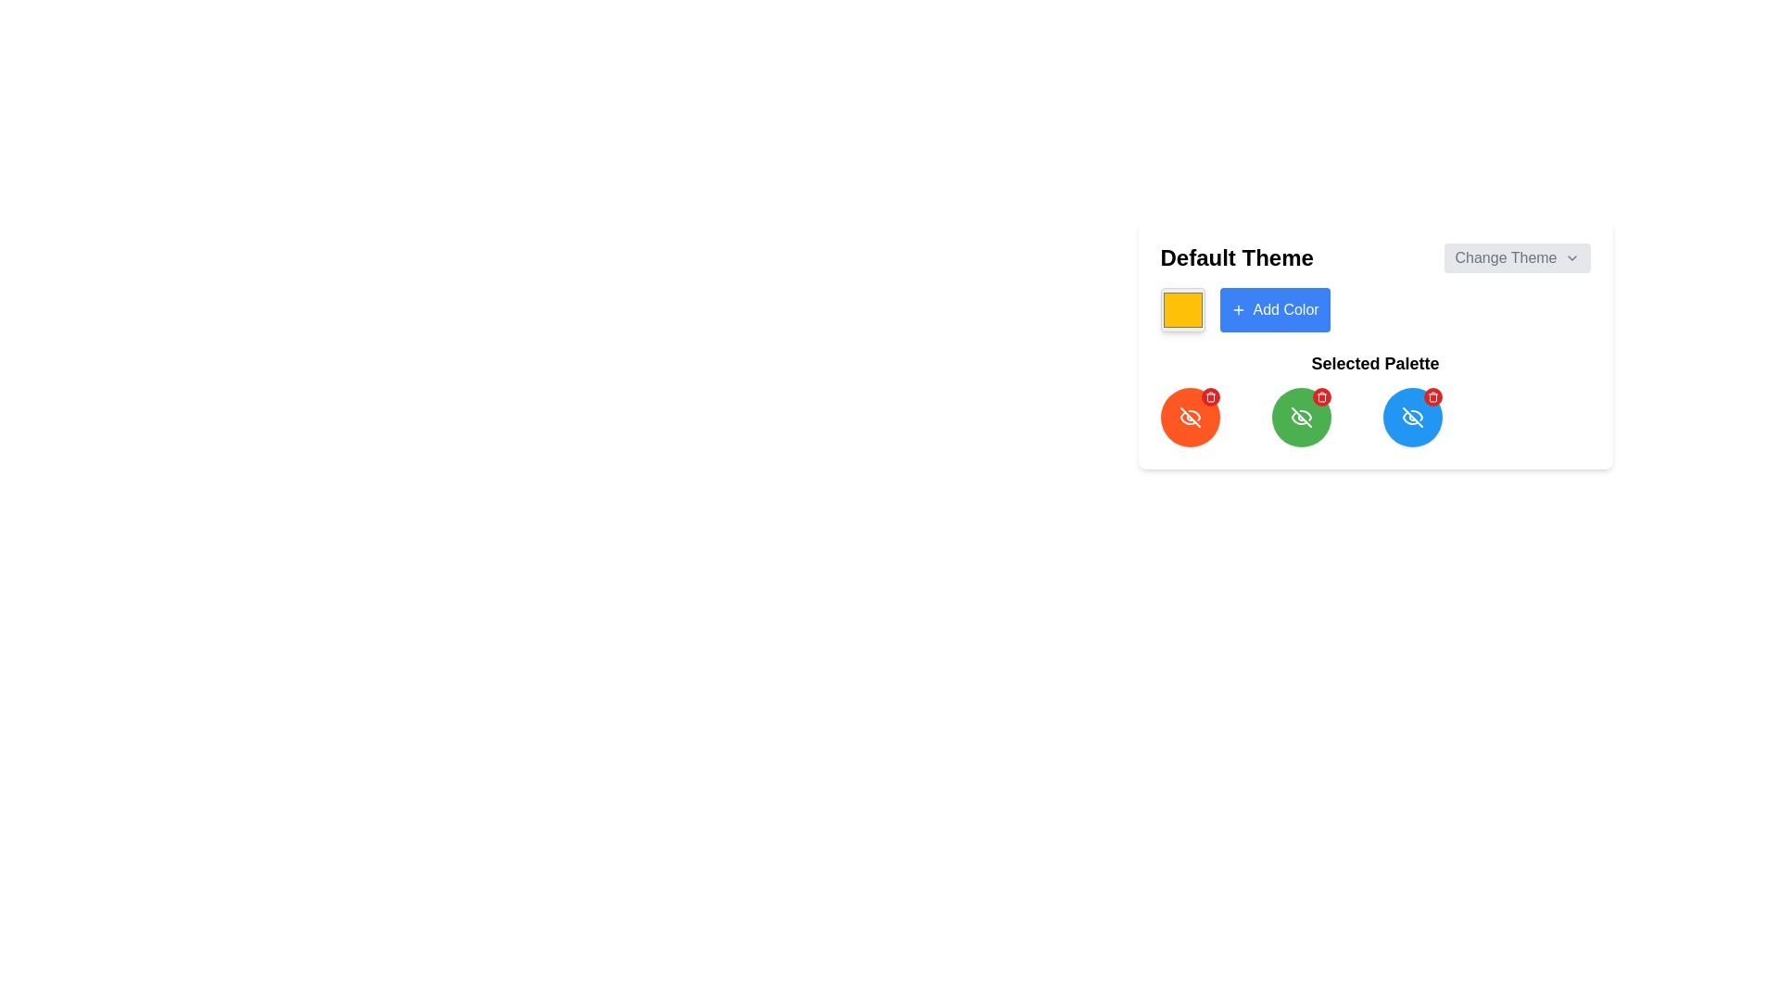 Image resolution: width=1779 pixels, height=1000 pixels. I want to click on the delete button located at the top-right corner of the blue circular icon in the 'Selected Palette' section to enable keyboard actions, so click(1432, 395).